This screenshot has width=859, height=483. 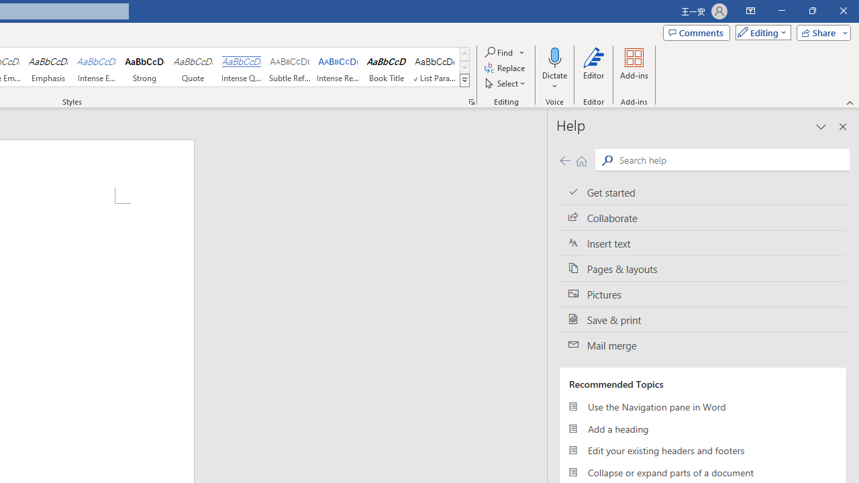 What do you see at coordinates (464, 80) in the screenshot?
I see `'Styles'` at bounding box center [464, 80].